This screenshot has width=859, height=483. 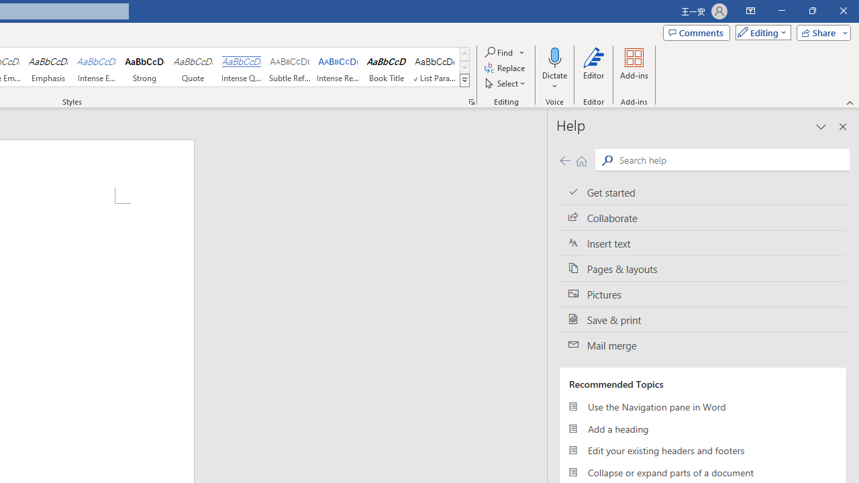 What do you see at coordinates (464, 80) in the screenshot?
I see `'Styles'` at bounding box center [464, 80].